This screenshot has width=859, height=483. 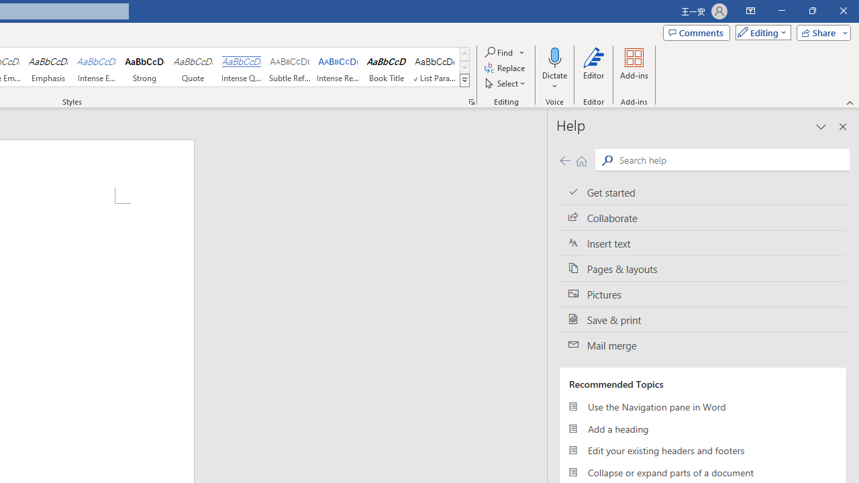 What do you see at coordinates (464, 80) in the screenshot?
I see `'Styles'` at bounding box center [464, 80].